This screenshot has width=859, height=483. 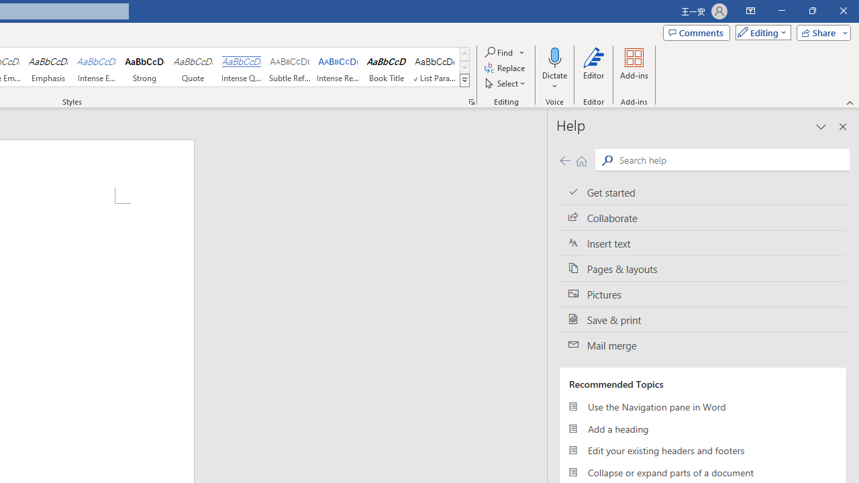 What do you see at coordinates (464, 80) in the screenshot?
I see `'Styles'` at bounding box center [464, 80].